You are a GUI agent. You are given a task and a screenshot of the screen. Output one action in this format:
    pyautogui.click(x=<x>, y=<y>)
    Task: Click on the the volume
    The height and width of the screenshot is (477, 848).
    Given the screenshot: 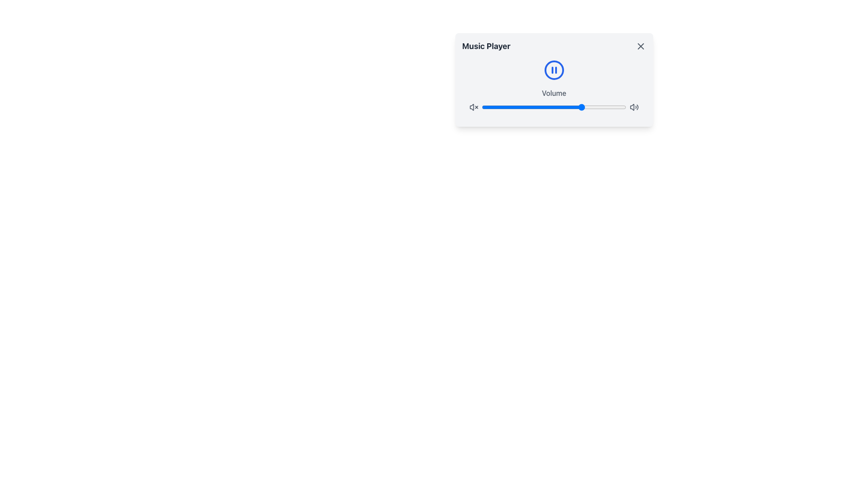 What is the action you would take?
    pyautogui.click(x=532, y=107)
    